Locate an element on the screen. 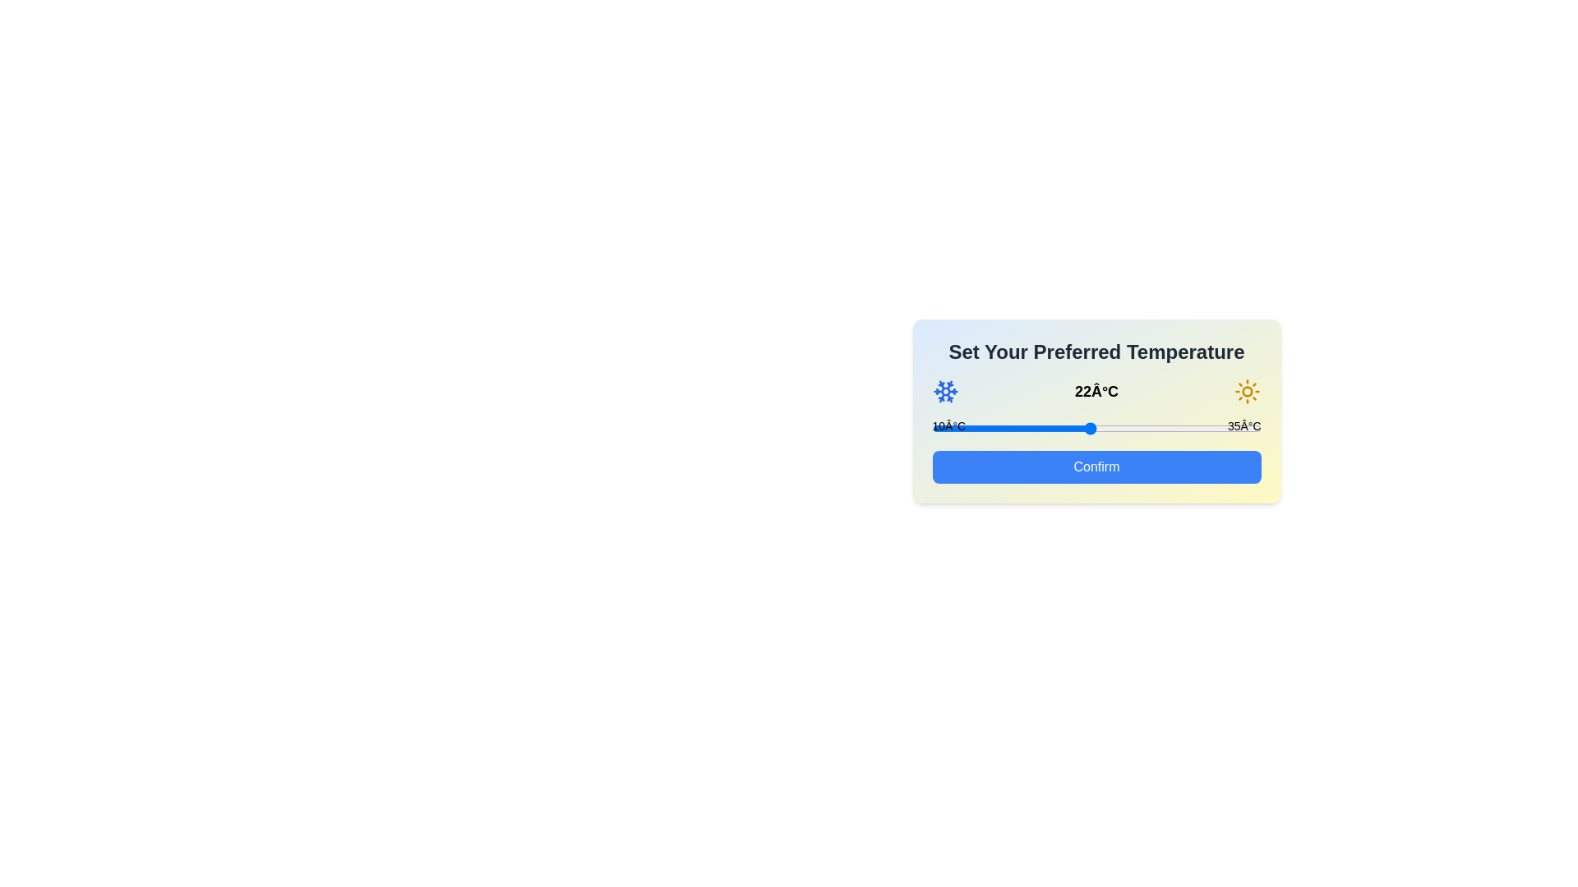  the 'Confirm' button to finalize the temperature selection is located at coordinates (1096, 467).